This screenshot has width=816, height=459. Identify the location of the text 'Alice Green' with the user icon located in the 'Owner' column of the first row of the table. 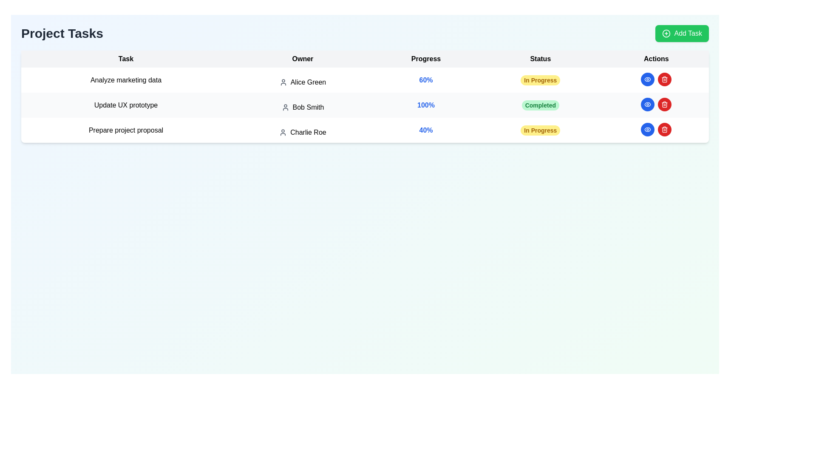
(303, 82).